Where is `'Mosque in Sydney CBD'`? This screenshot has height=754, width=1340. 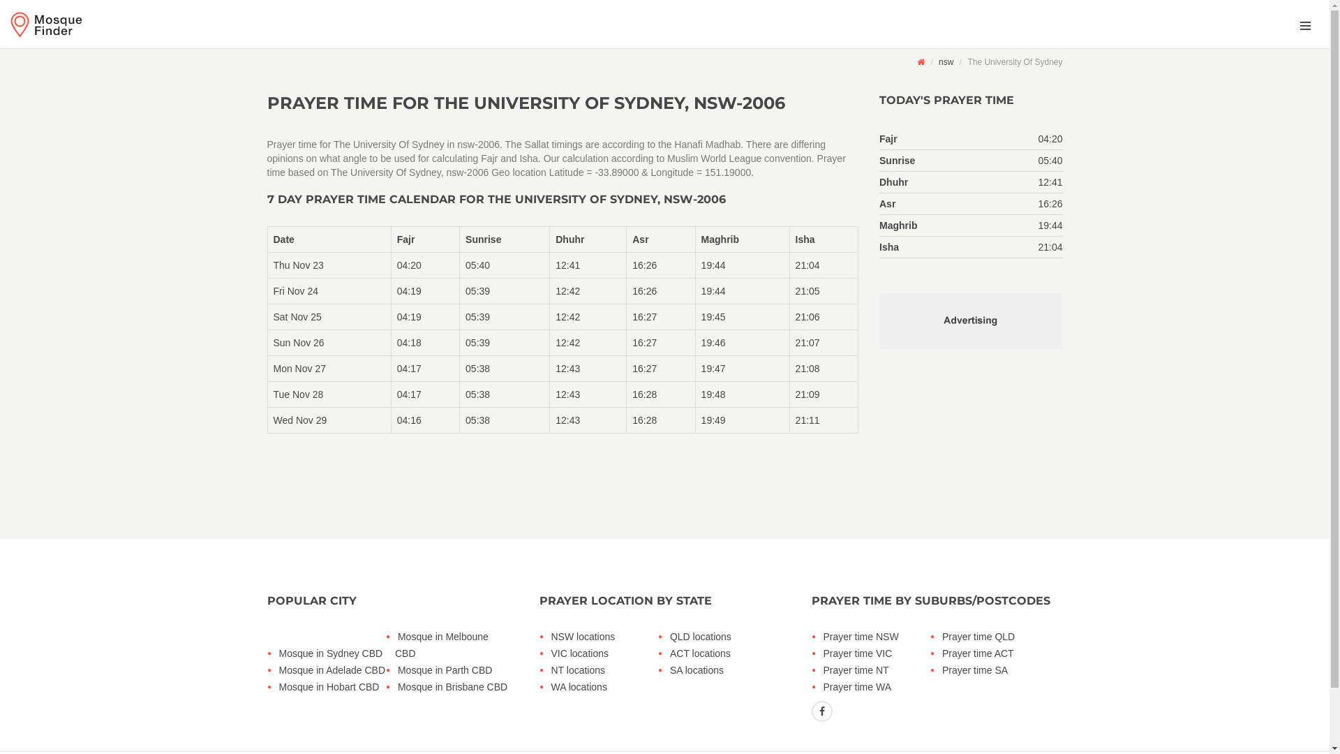 'Mosque in Sydney CBD' is located at coordinates (334, 653).